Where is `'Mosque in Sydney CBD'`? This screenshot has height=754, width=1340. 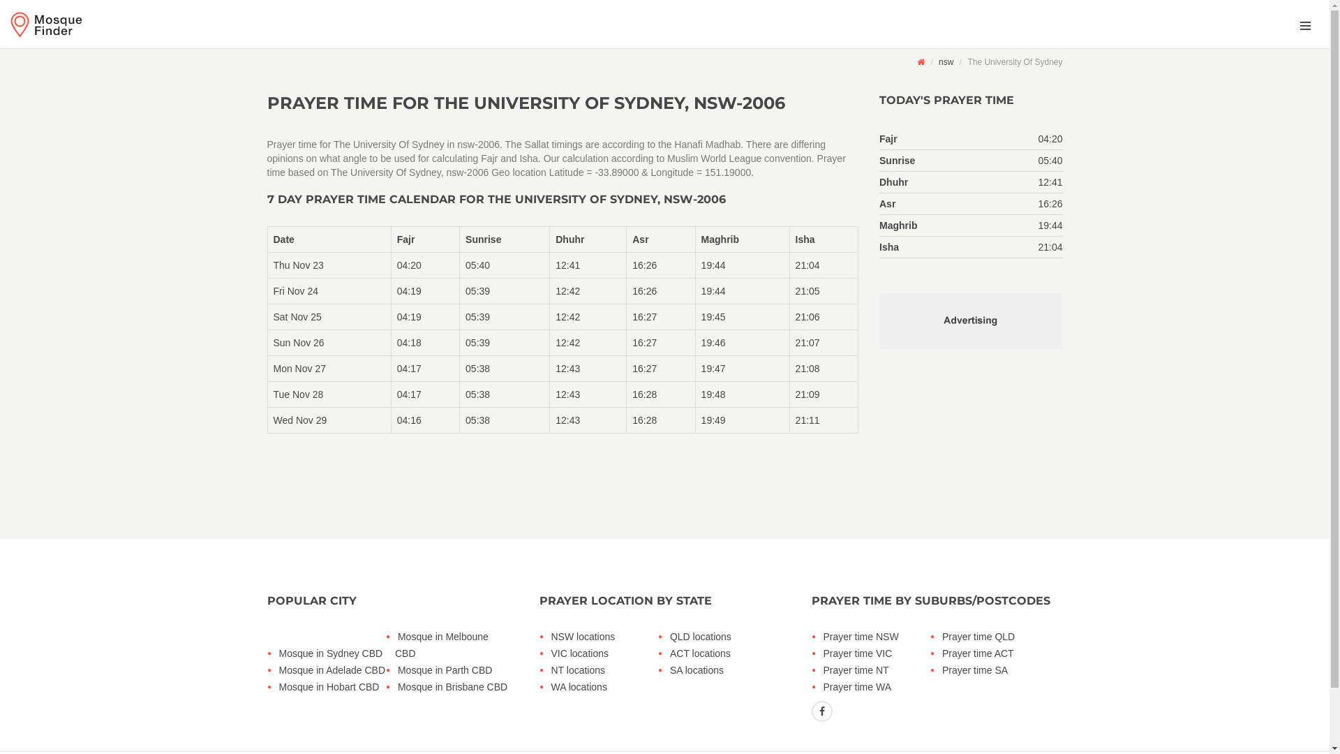 'Mosque in Sydney CBD' is located at coordinates (334, 653).